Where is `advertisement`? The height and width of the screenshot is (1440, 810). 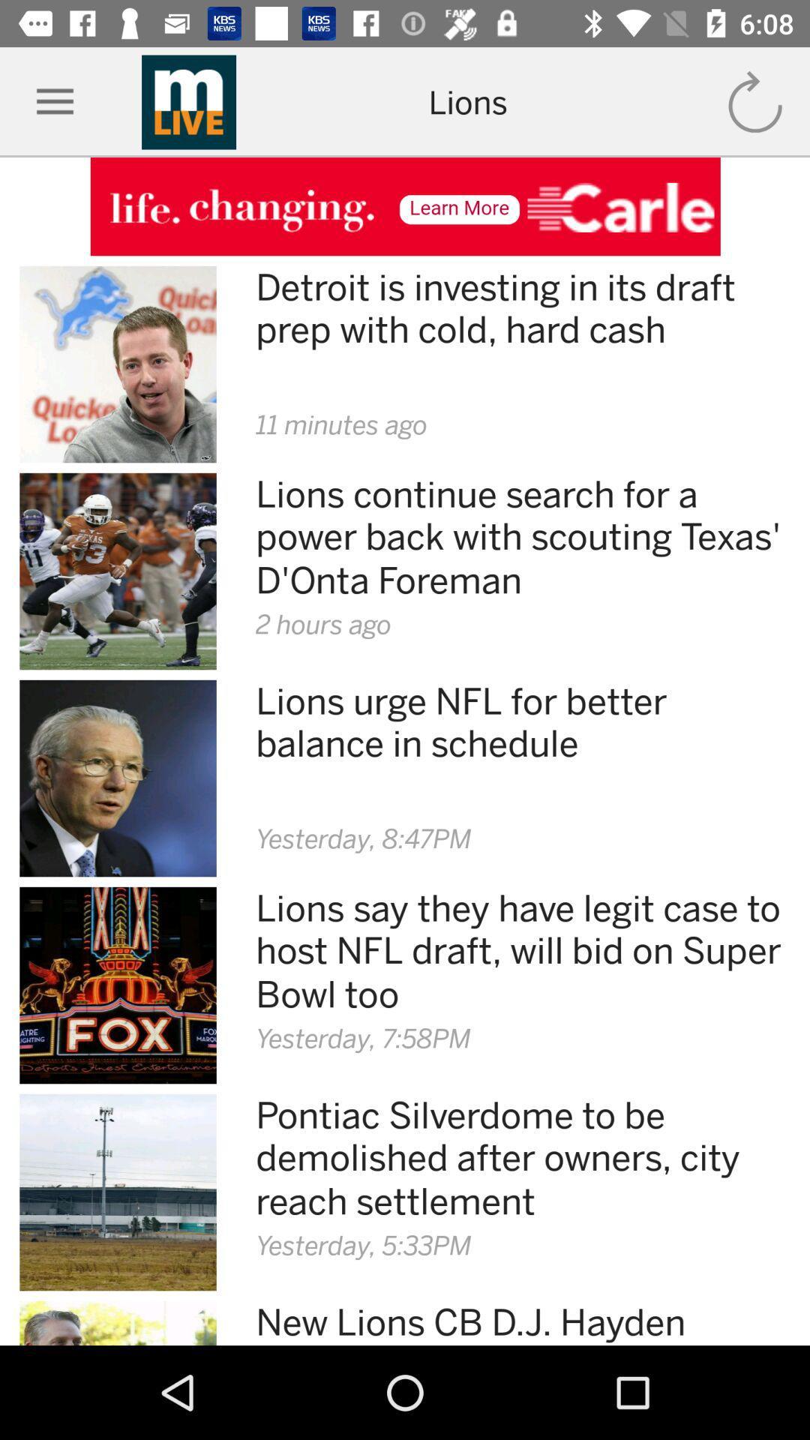
advertisement is located at coordinates (405, 205).